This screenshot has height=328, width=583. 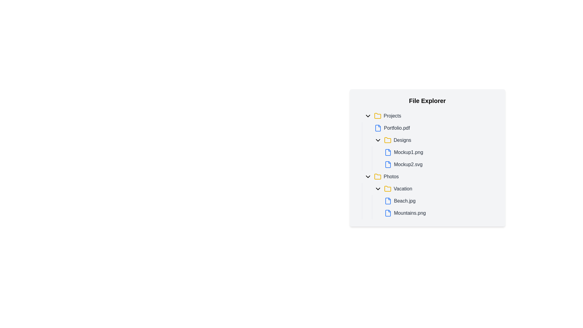 I want to click on the file document icon with a blue outline and white background located to the left of 'Beach.jpg' in the 'Vacation' subfolder of the 'Photos' folder, so click(x=387, y=201).